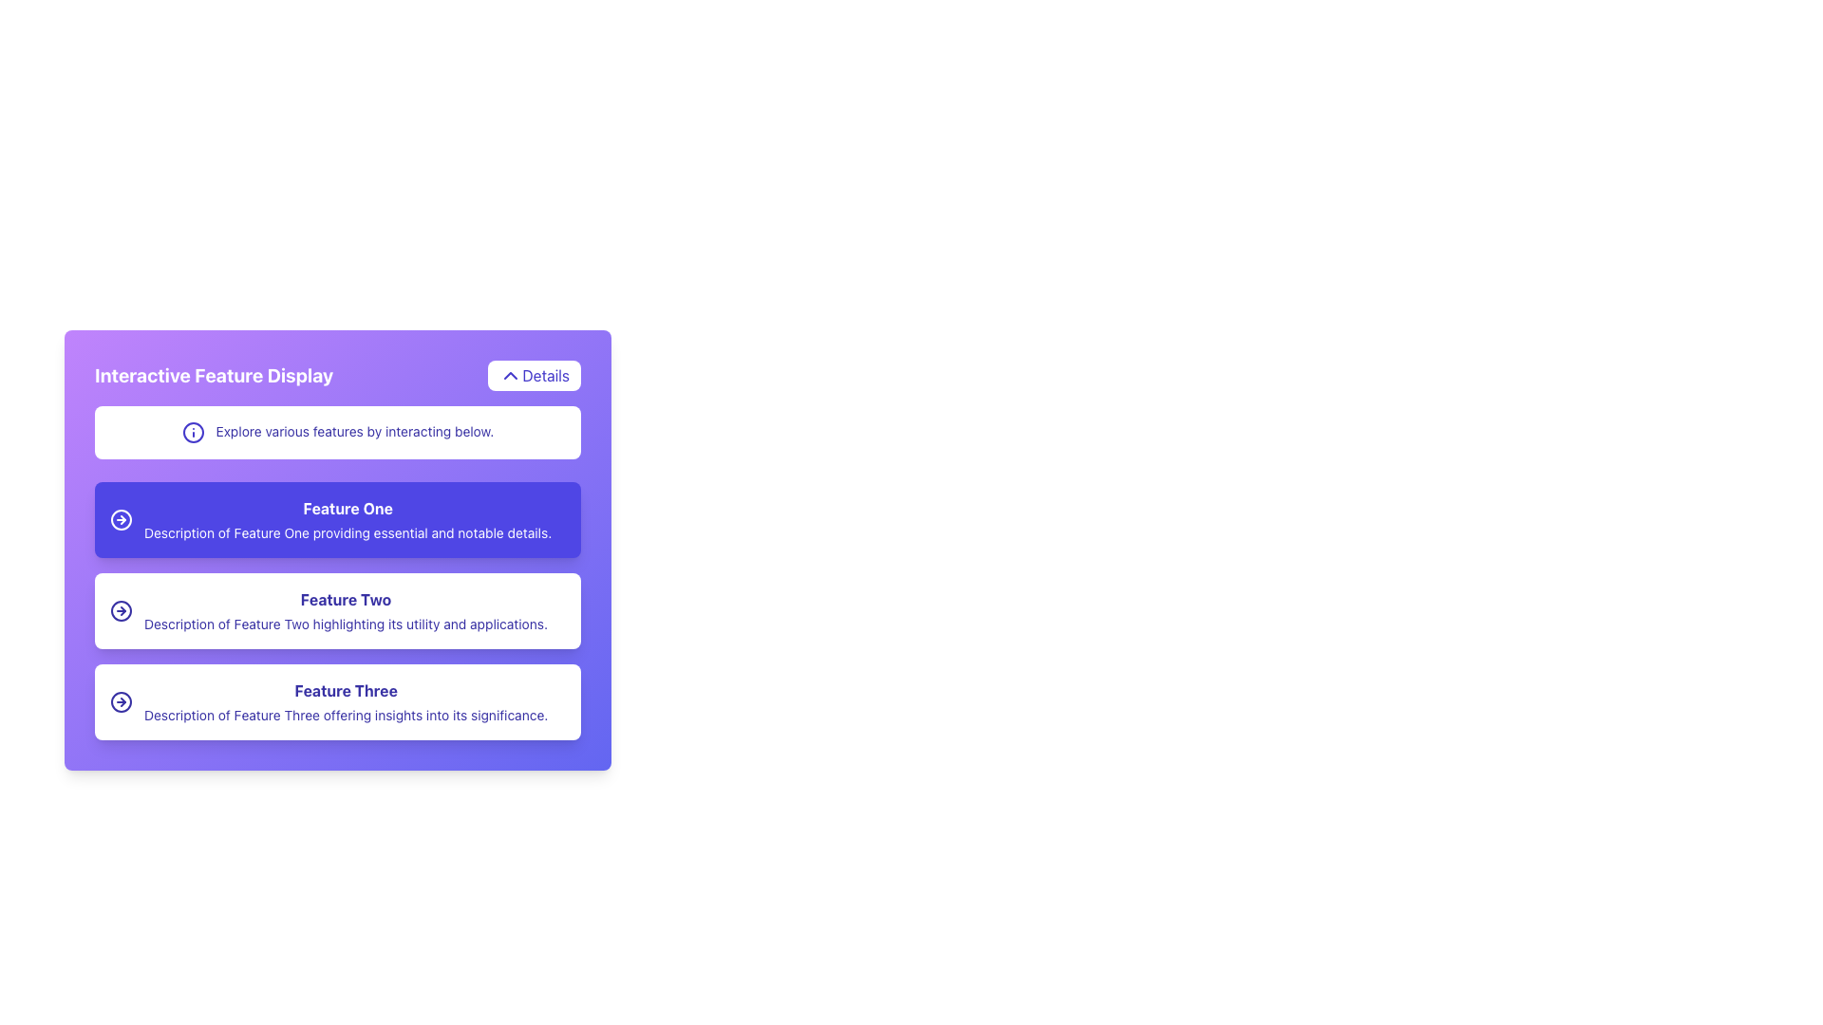 The width and height of the screenshot is (1823, 1025). Describe the element at coordinates (337, 519) in the screenshot. I see `the Information Panel for 'Feature One', which is the second element in a vertical list of feature cards` at that location.